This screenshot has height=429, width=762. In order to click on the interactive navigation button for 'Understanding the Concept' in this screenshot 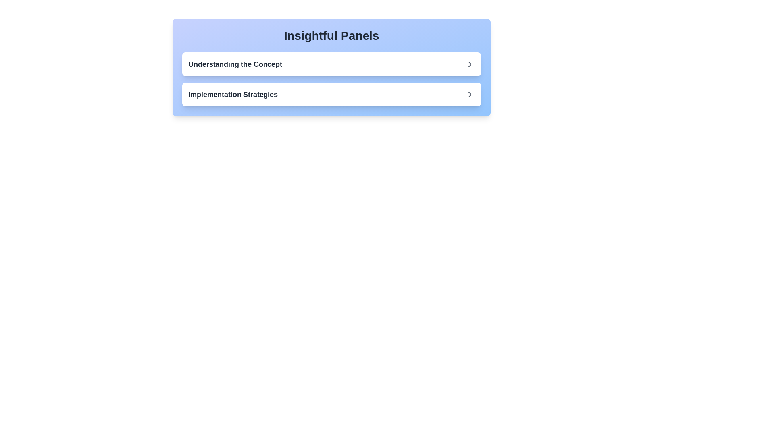, I will do `click(331, 64)`.